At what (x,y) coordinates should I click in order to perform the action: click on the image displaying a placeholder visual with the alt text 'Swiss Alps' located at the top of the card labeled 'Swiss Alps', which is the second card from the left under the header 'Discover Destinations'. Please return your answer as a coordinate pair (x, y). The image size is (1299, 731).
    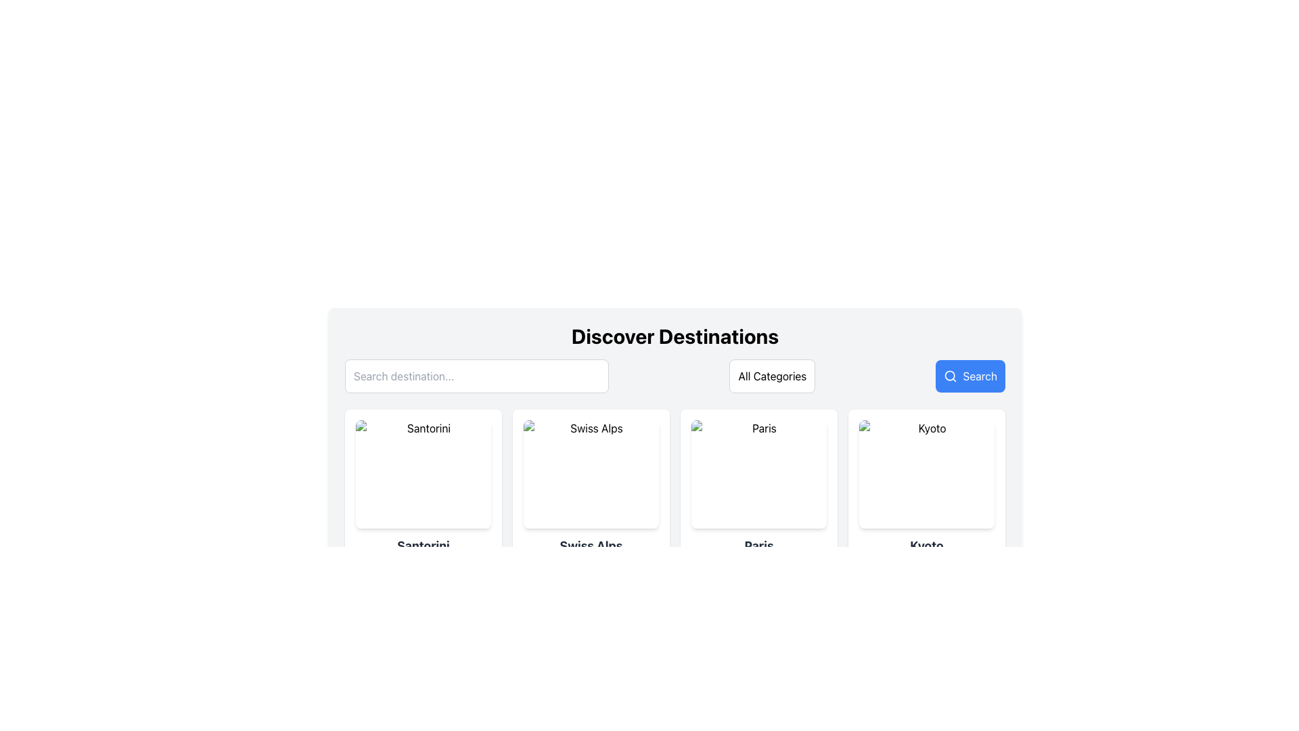
    Looking at the image, I should click on (591, 474).